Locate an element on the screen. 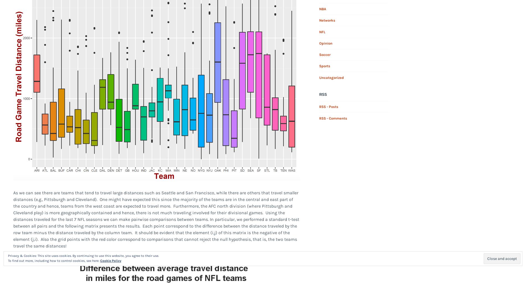 Image resolution: width=526 pixels, height=284 pixels. 'Soccer' is located at coordinates (325, 54).